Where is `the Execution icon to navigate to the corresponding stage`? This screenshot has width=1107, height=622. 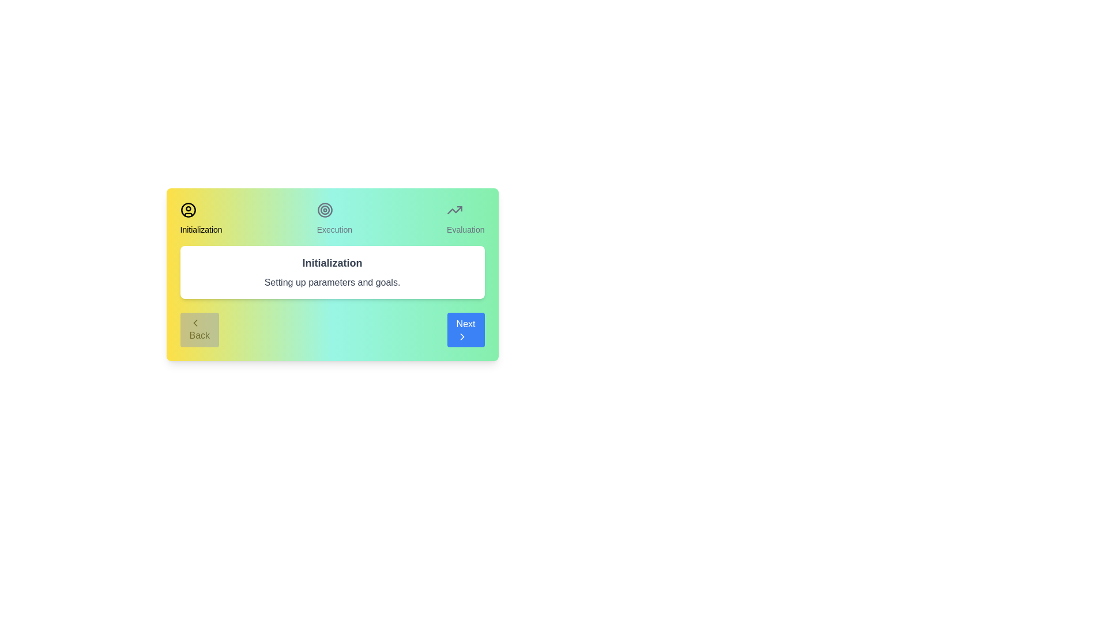 the Execution icon to navigate to the corresponding stage is located at coordinates (324, 210).